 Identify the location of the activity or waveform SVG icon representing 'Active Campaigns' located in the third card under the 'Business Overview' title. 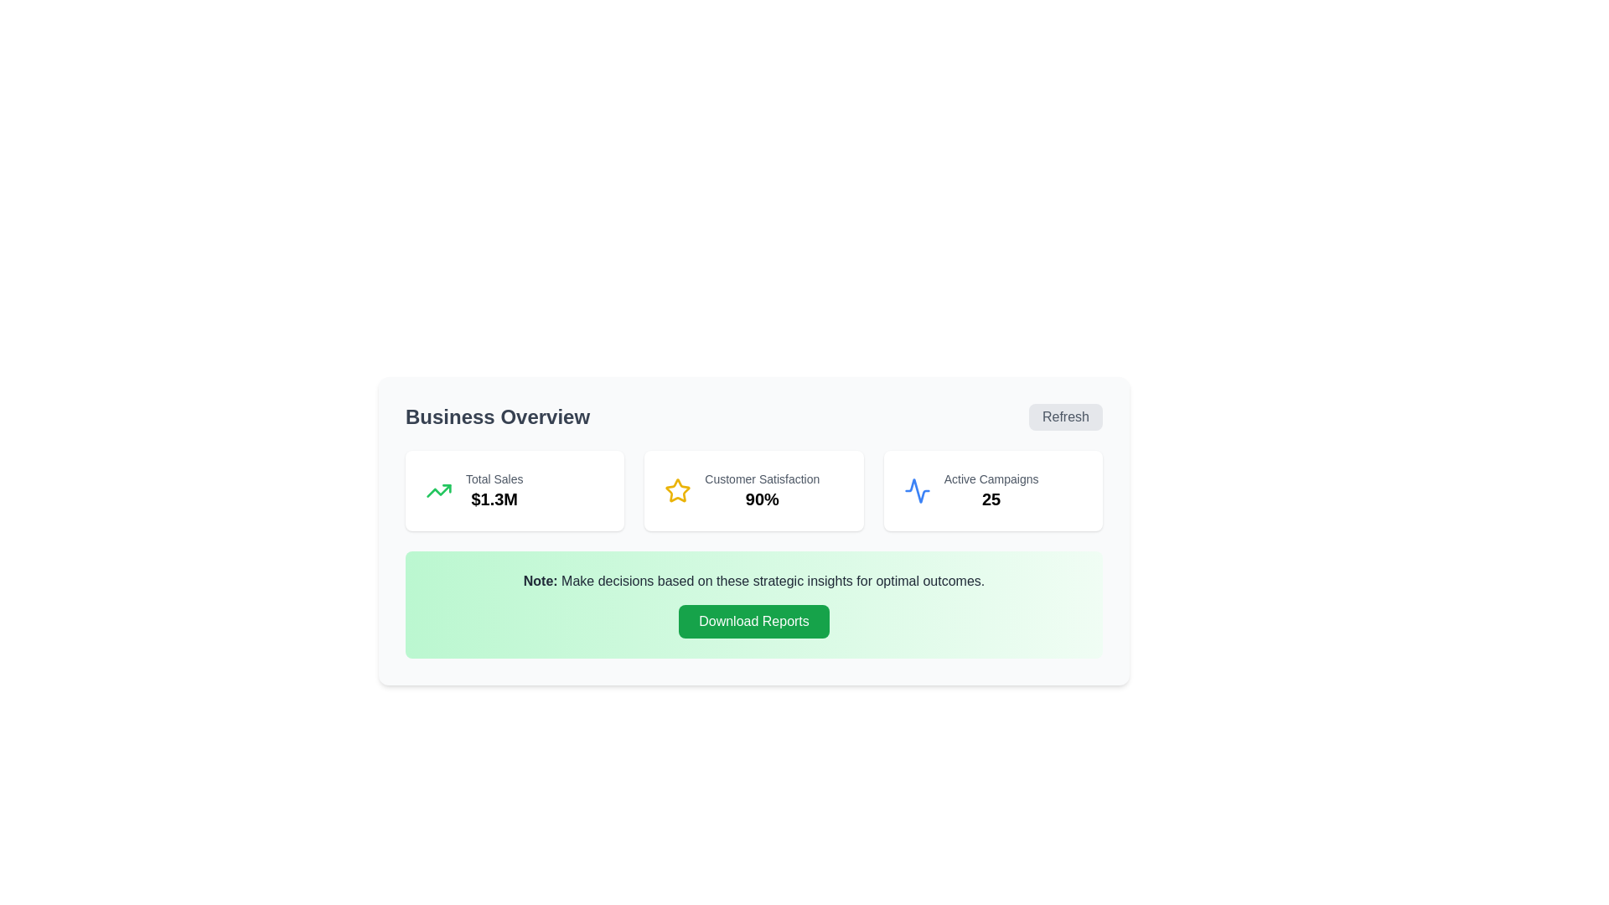
(916, 490).